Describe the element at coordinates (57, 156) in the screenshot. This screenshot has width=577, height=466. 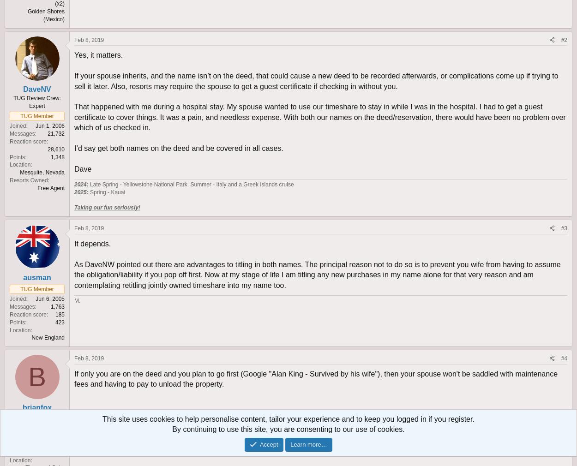
I see `'1,348'` at that location.